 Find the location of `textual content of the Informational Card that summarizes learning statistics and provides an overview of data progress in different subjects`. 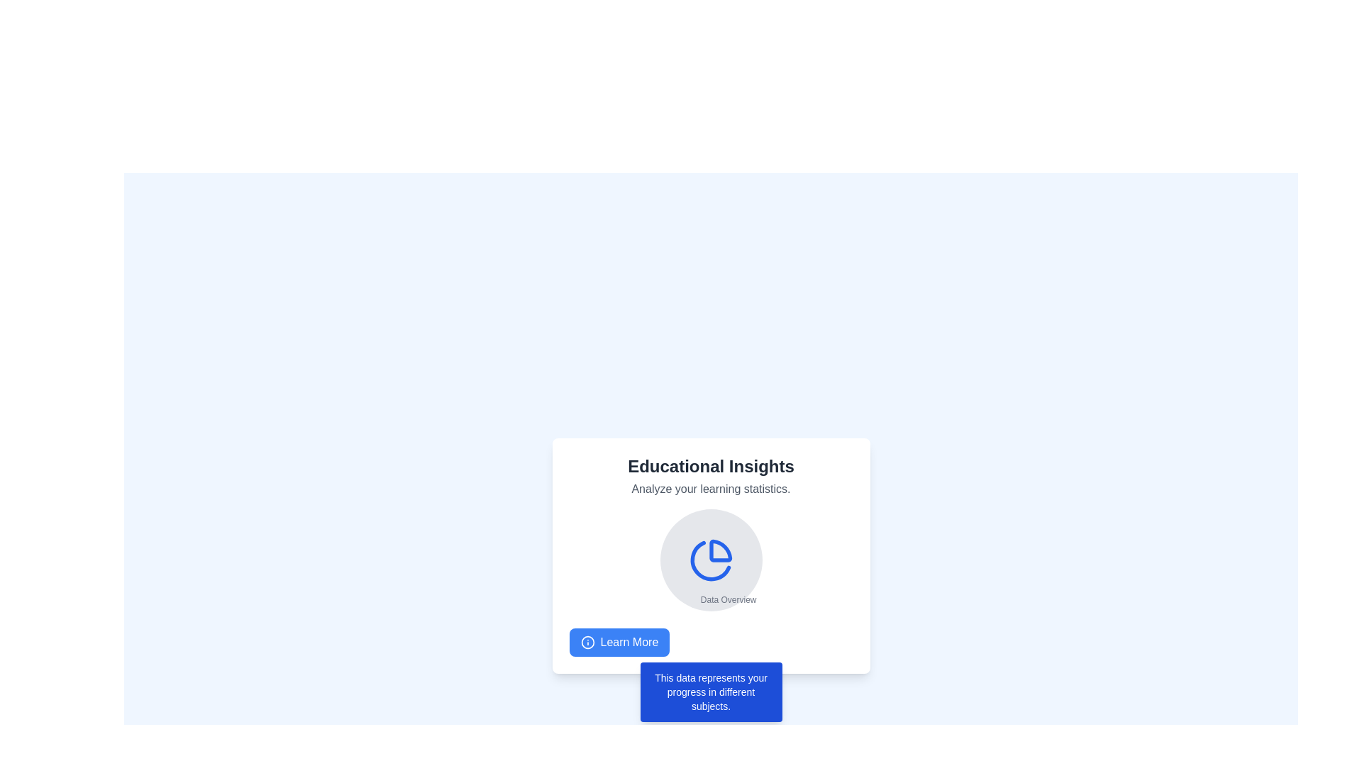

textual content of the Informational Card that summarizes learning statistics and provides an overview of data progress in different subjects is located at coordinates (711, 555).